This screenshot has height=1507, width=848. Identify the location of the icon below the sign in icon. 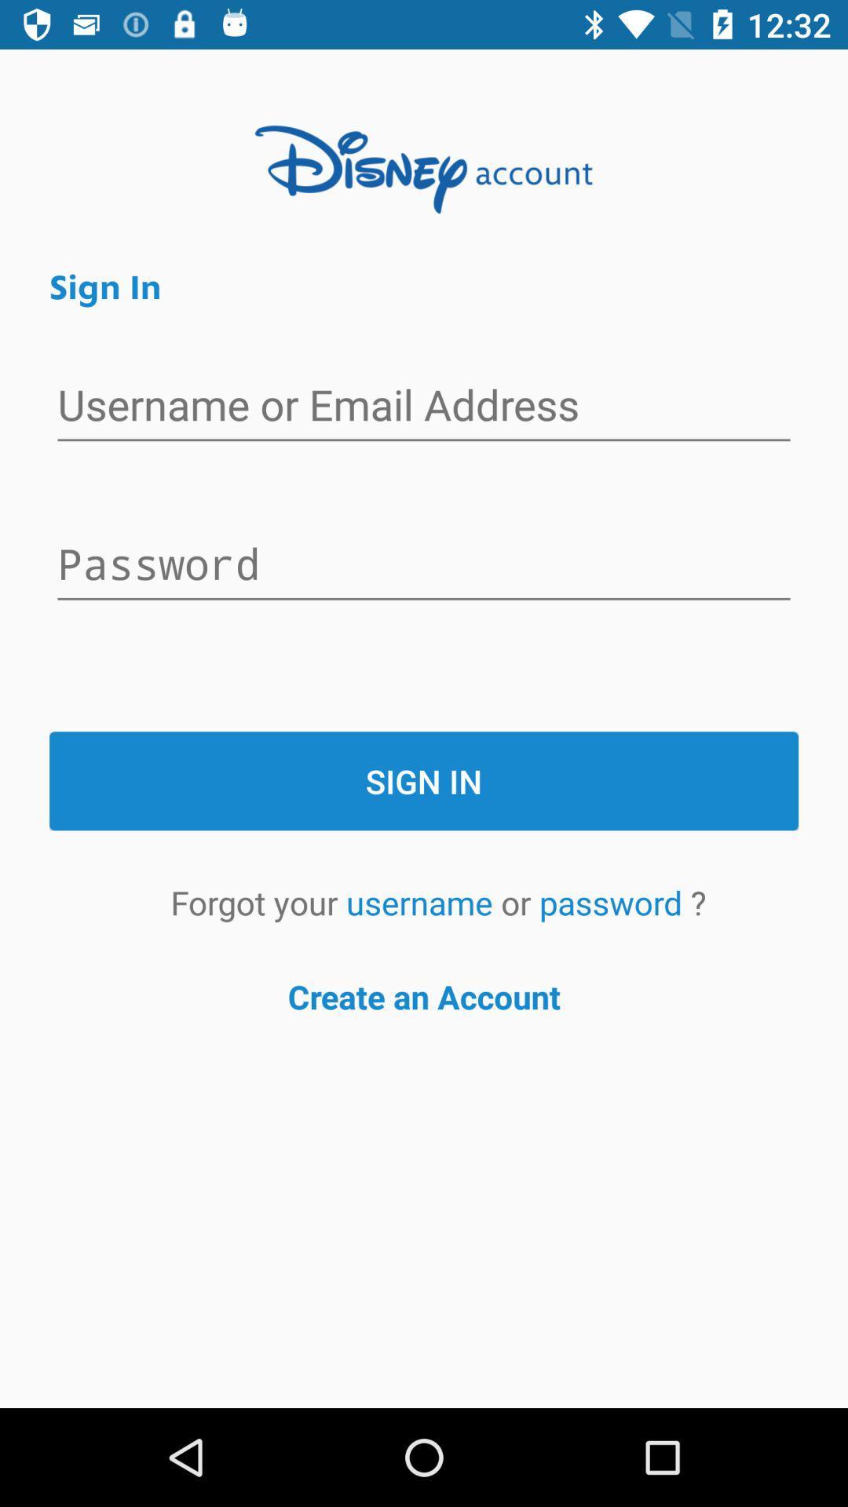
(422, 902).